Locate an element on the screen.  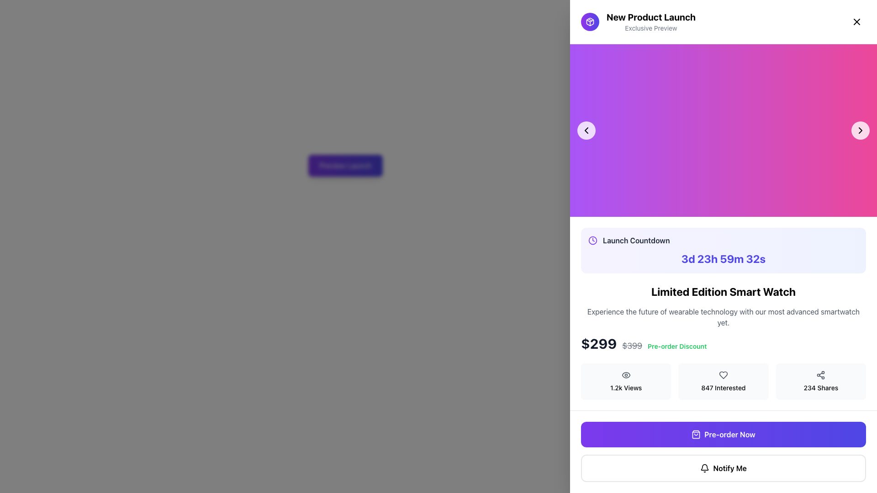
the informational block displaying '847 Interested' with a heart icon, positioned centrally between the '1.2k Views' and '234 Shares' blocks is located at coordinates (723, 382).